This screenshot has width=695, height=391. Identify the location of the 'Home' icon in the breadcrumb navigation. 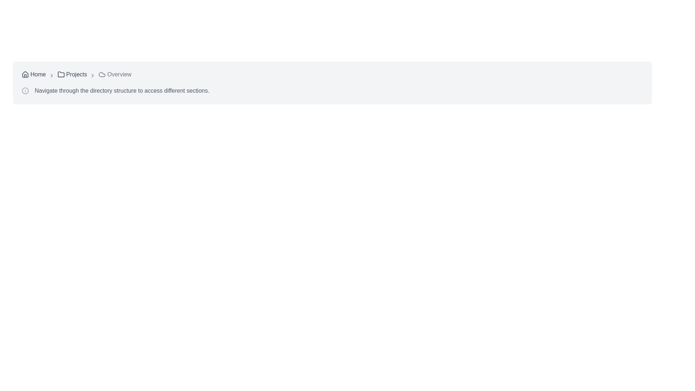
(25, 74).